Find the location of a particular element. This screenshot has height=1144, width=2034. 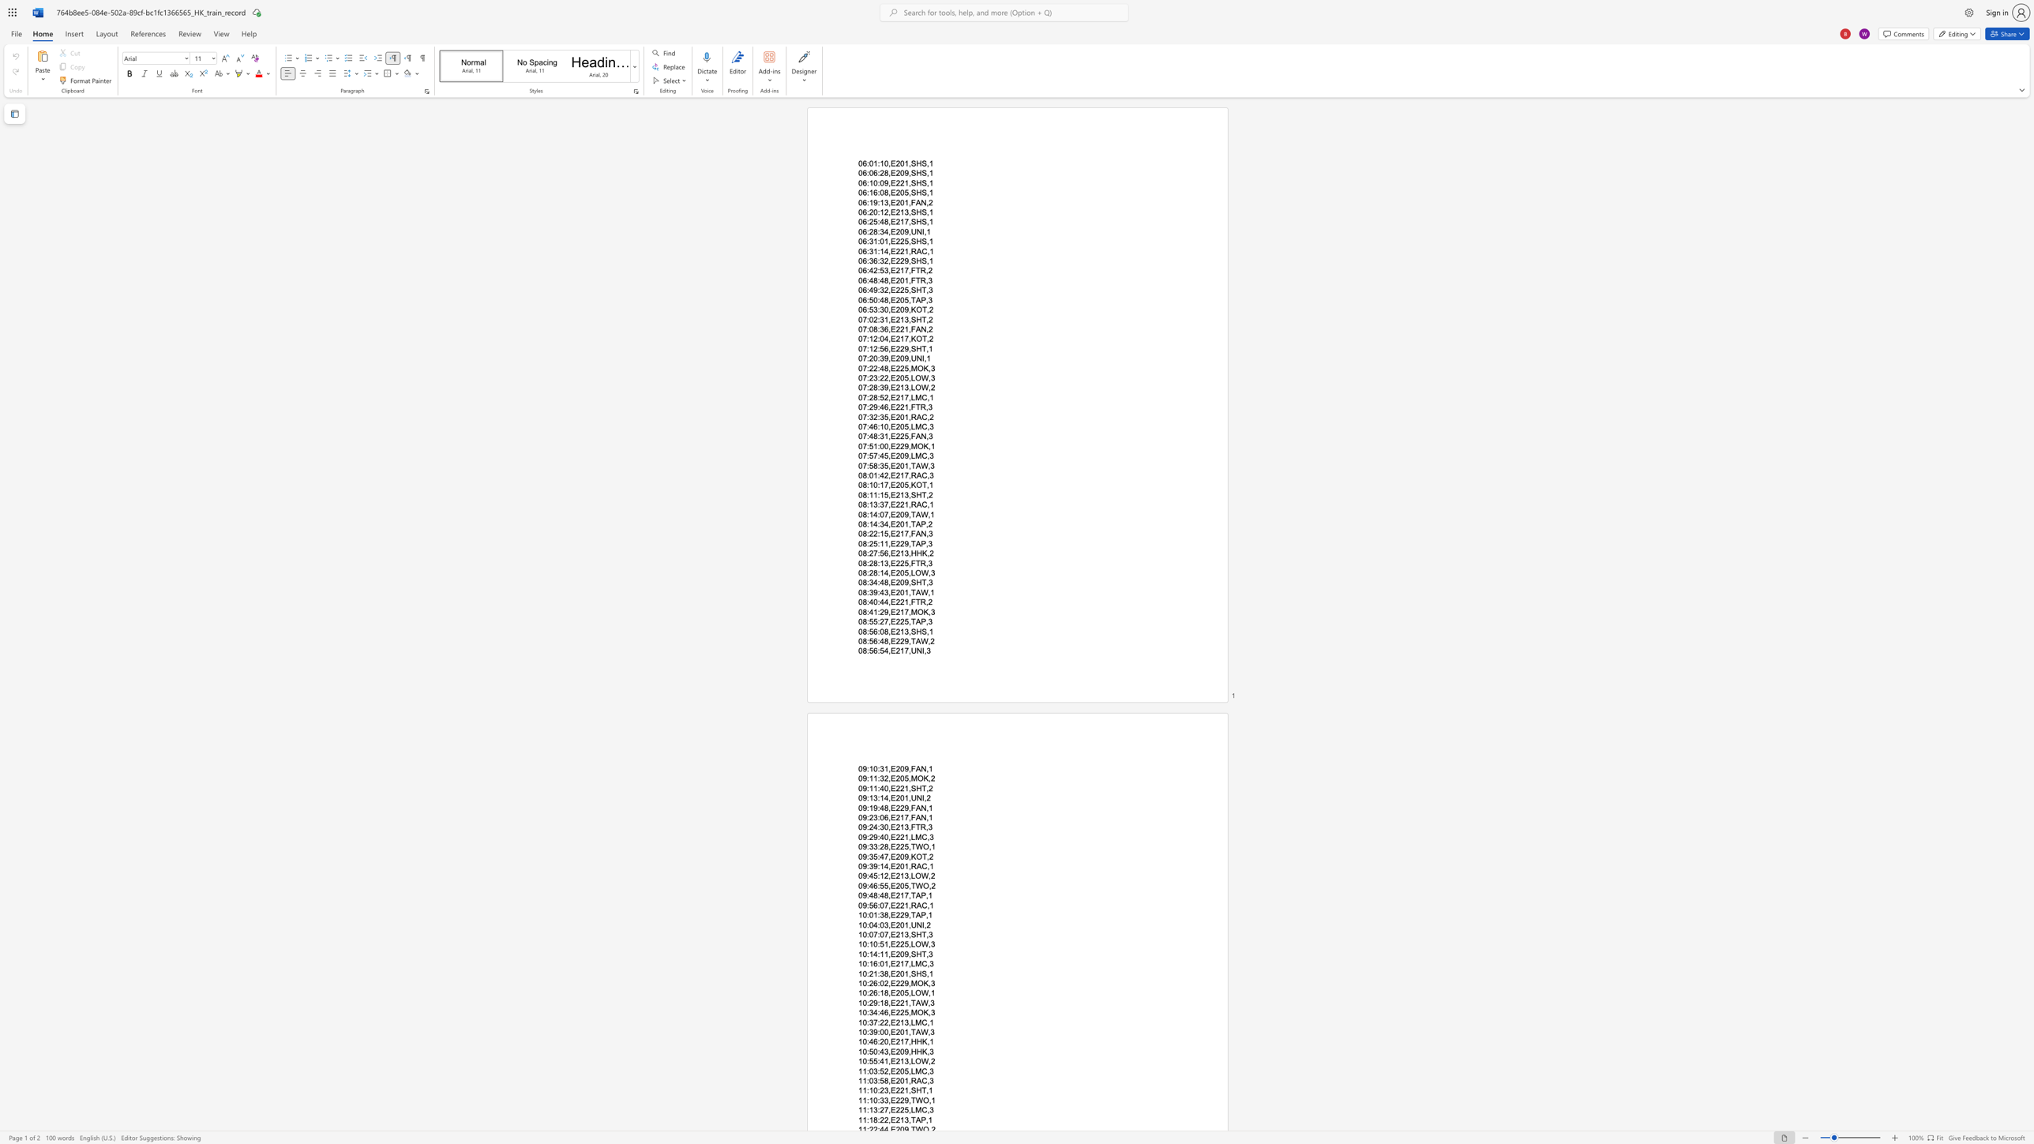

the space between the continuous character "N" and "I" in the text is located at coordinates (920, 797).